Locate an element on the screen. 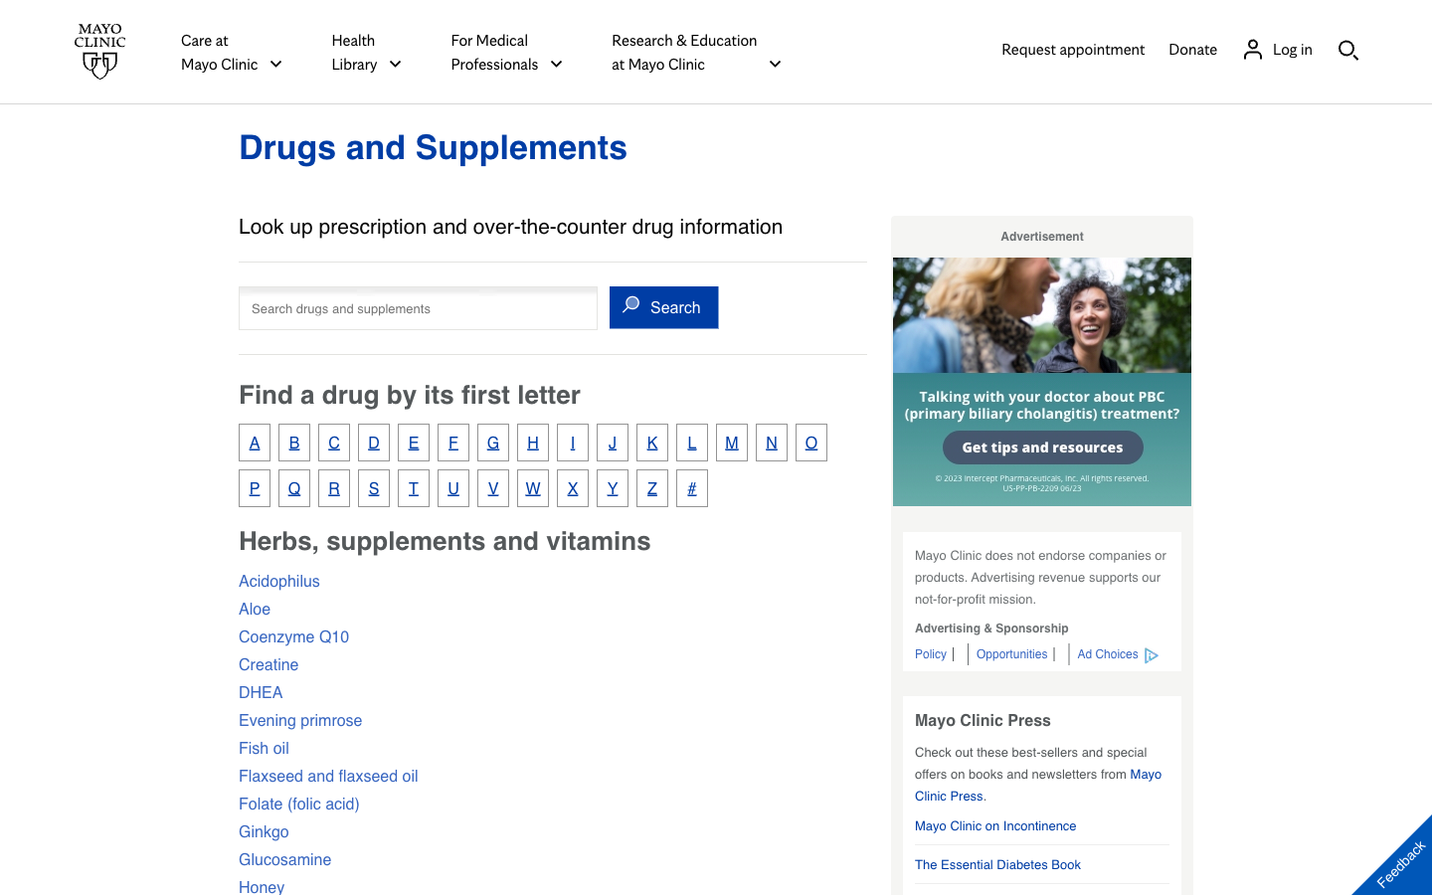  I want to work here – look for a job at Mayo Clinic is located at coordinates (1013, 653).